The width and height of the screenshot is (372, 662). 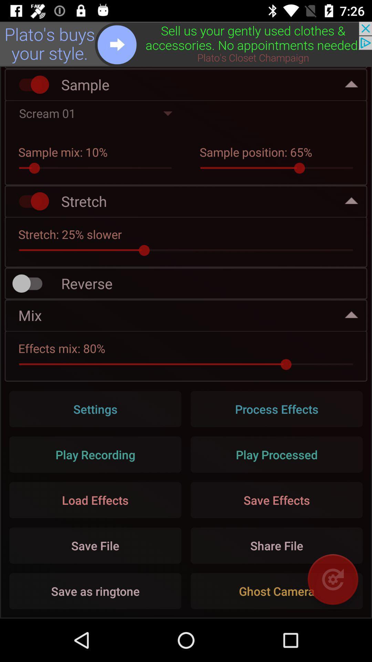 What do you see at coordinates (30, 201) in the screenshot?
I see `stretch option` at bounding box center [30, 201].